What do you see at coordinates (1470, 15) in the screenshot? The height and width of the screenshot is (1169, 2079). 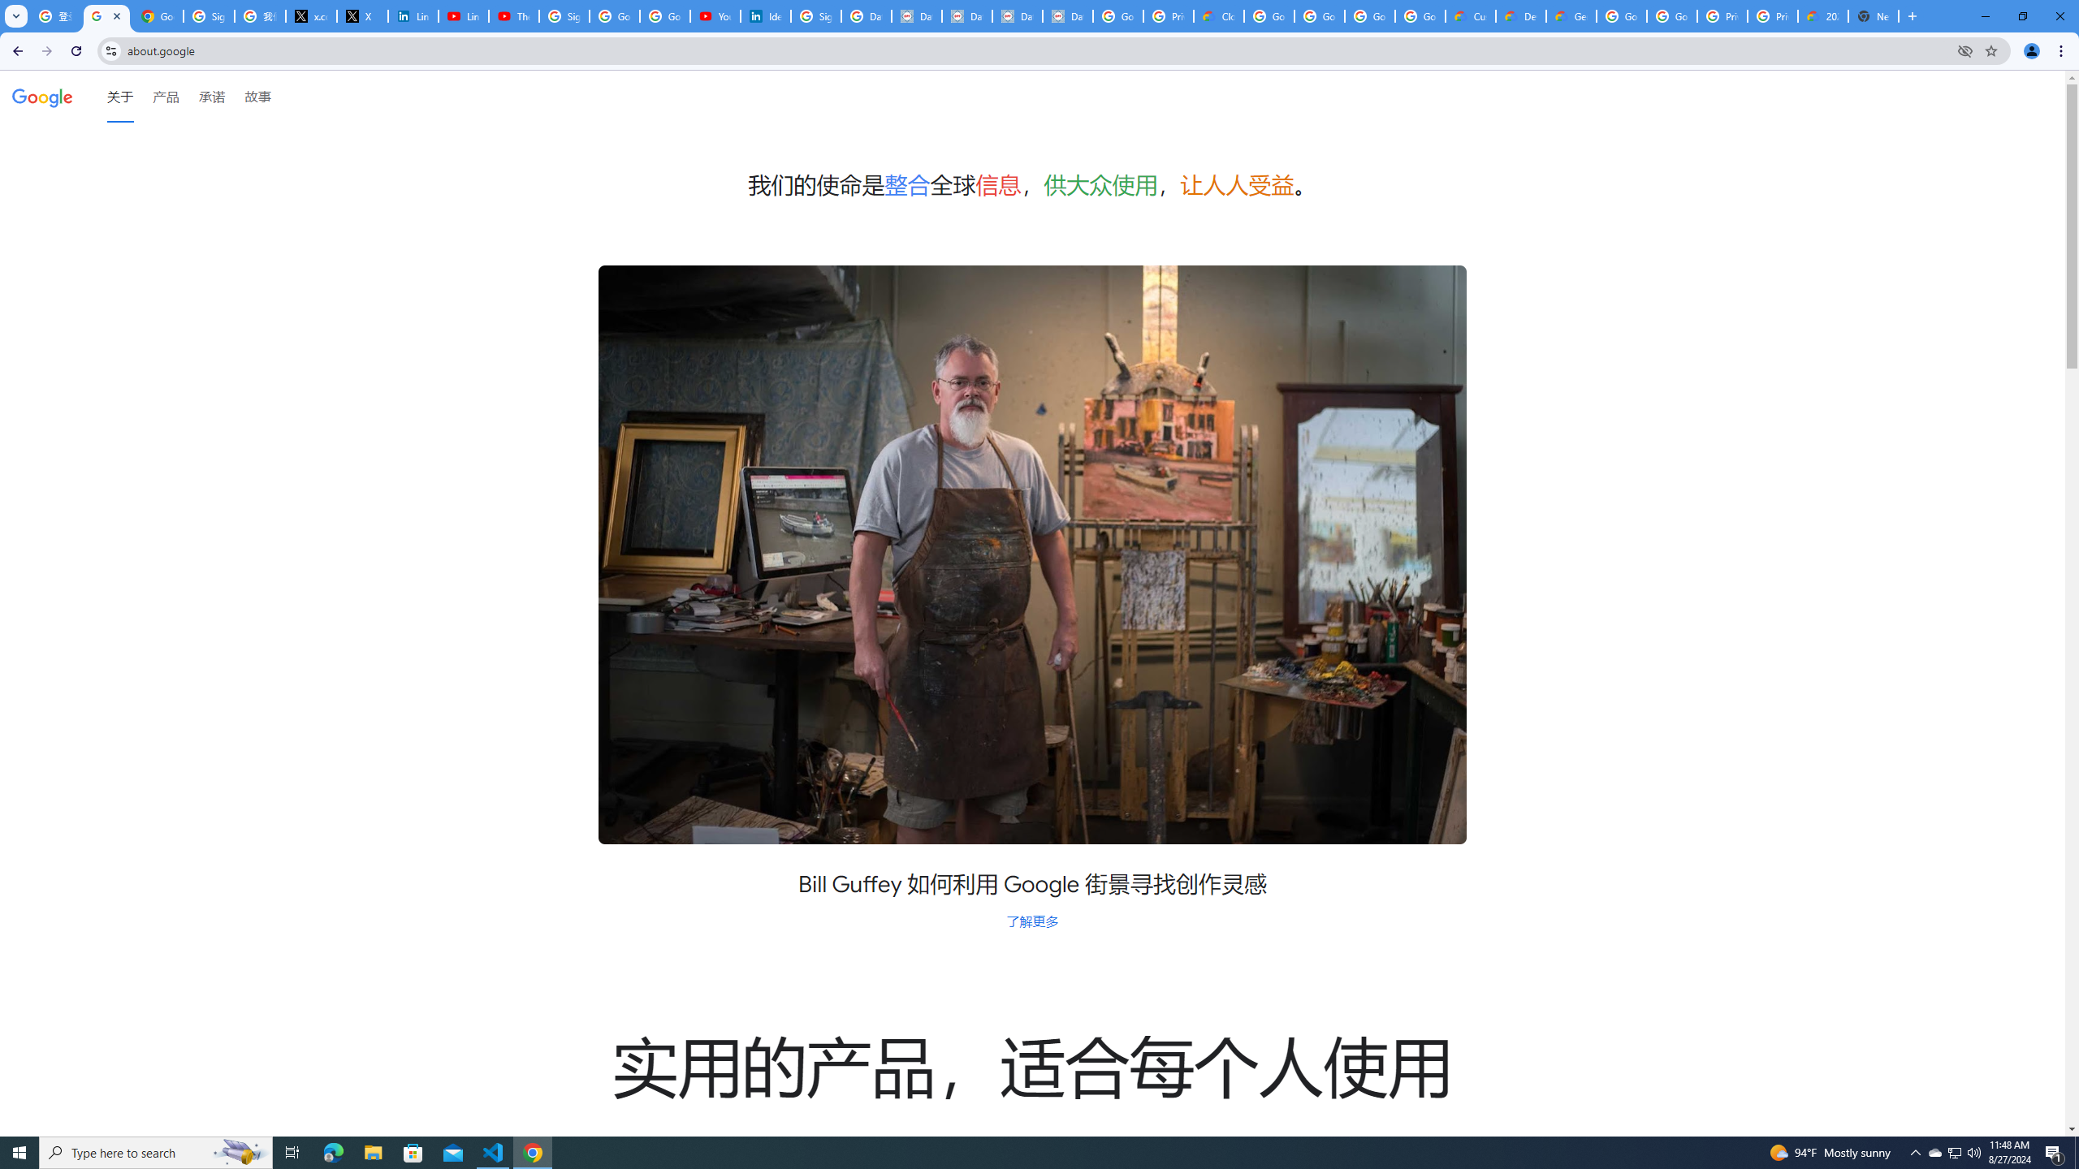 I see `'Customer Care | Google Cloud'` at bounding box center [1470, 15].